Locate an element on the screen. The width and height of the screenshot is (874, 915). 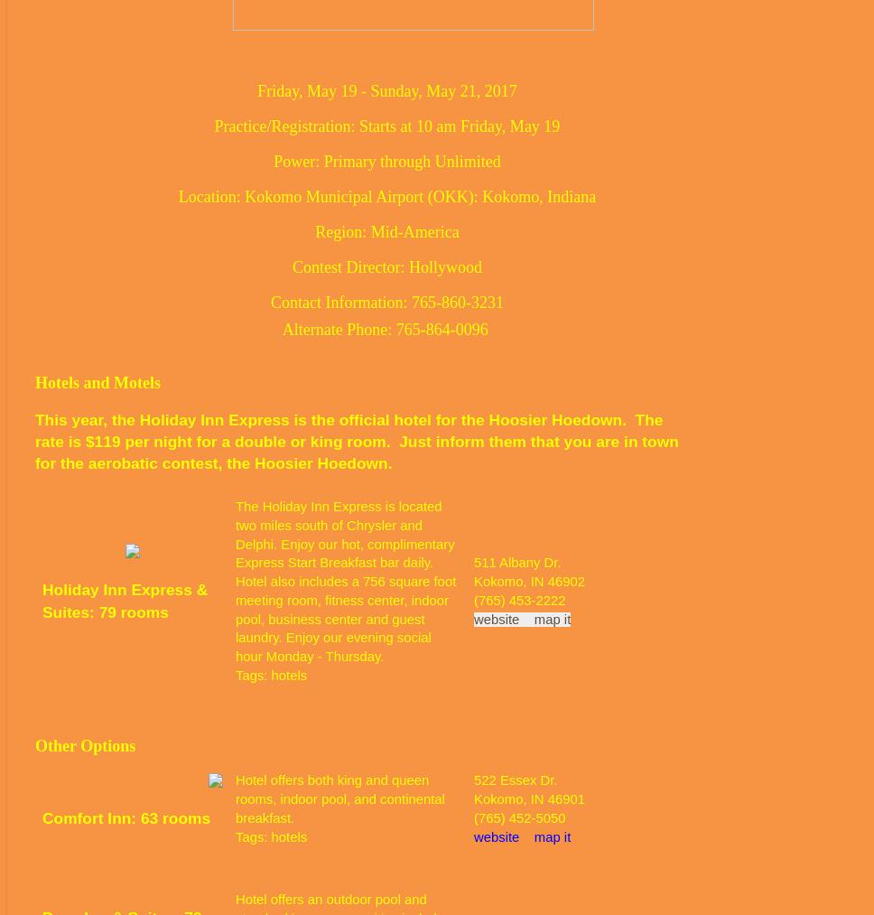
'Holiday Inn Express & Suites: 79 rooms' is located at coordinates (124, 600).